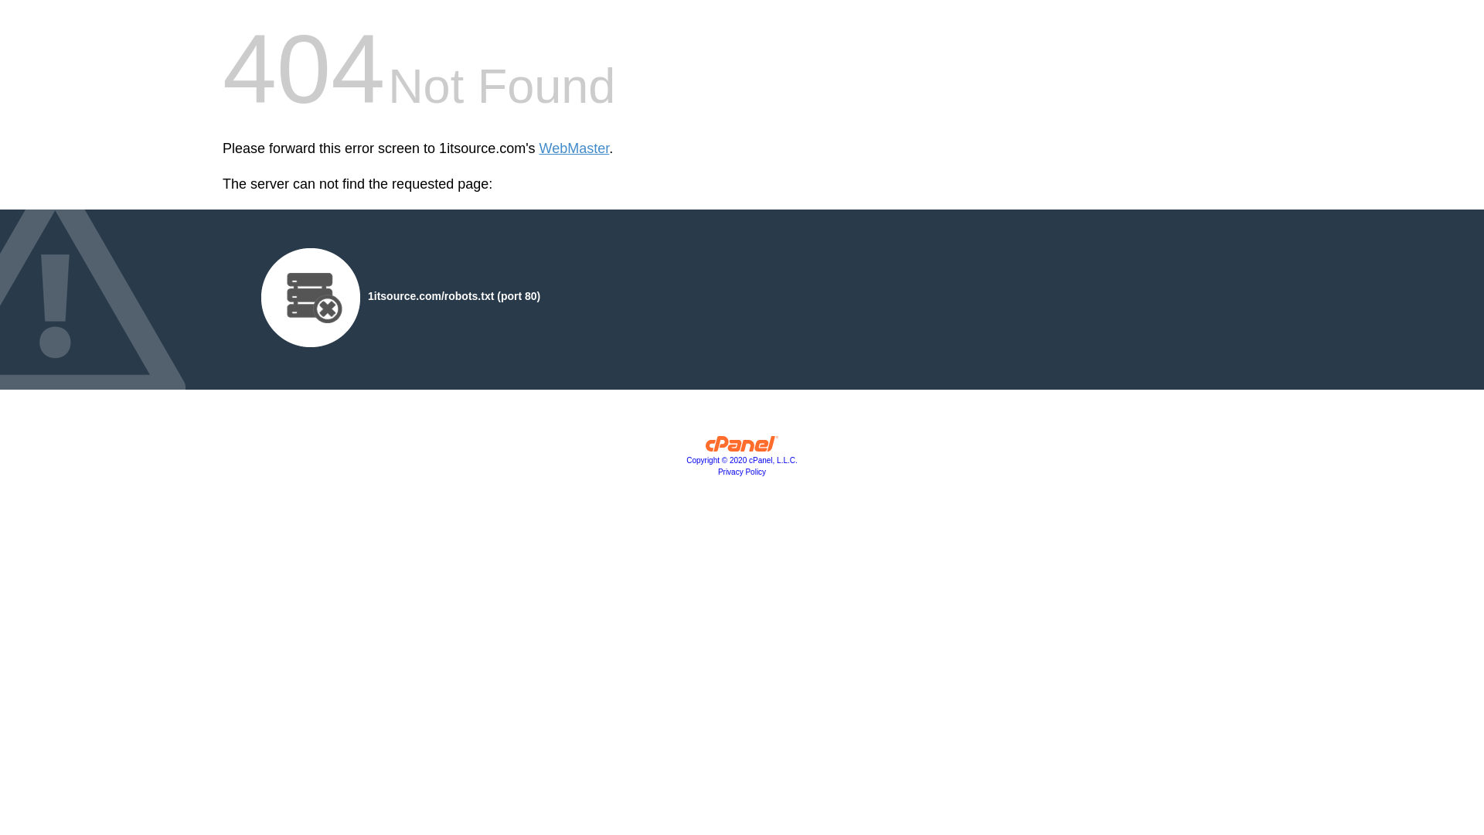 The height and width of the screenshot is (835, 1484). Describe the element at coordinates (742, 471) in the screenshot. I see `'Privacy Policy'` at that location.